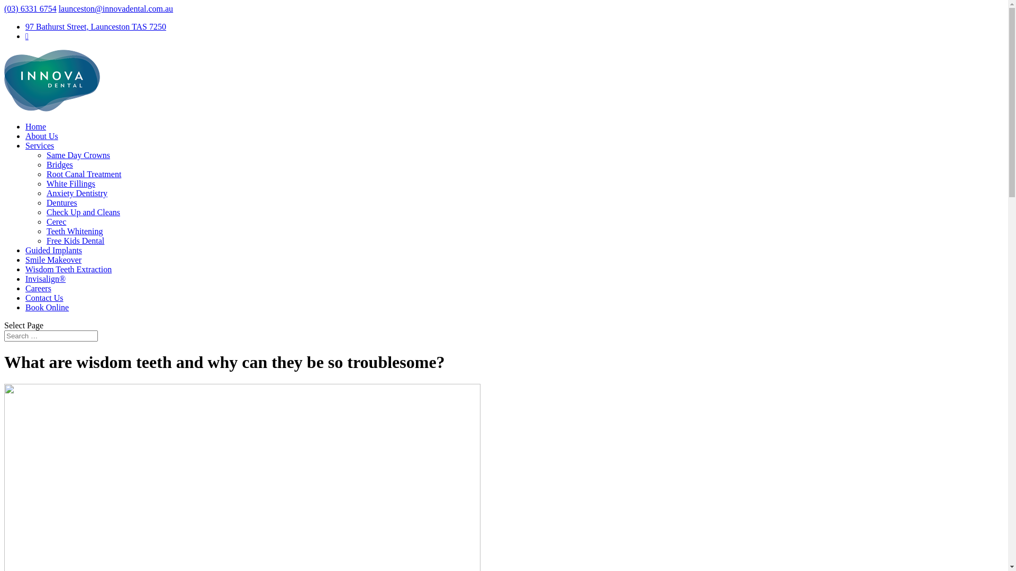 This screenshot has width=1016, height=571. What do you see at coordinates (46, 193) in the screenshot?
I see `'Anxiety Dentistry'` at bounding box center [46, 193].